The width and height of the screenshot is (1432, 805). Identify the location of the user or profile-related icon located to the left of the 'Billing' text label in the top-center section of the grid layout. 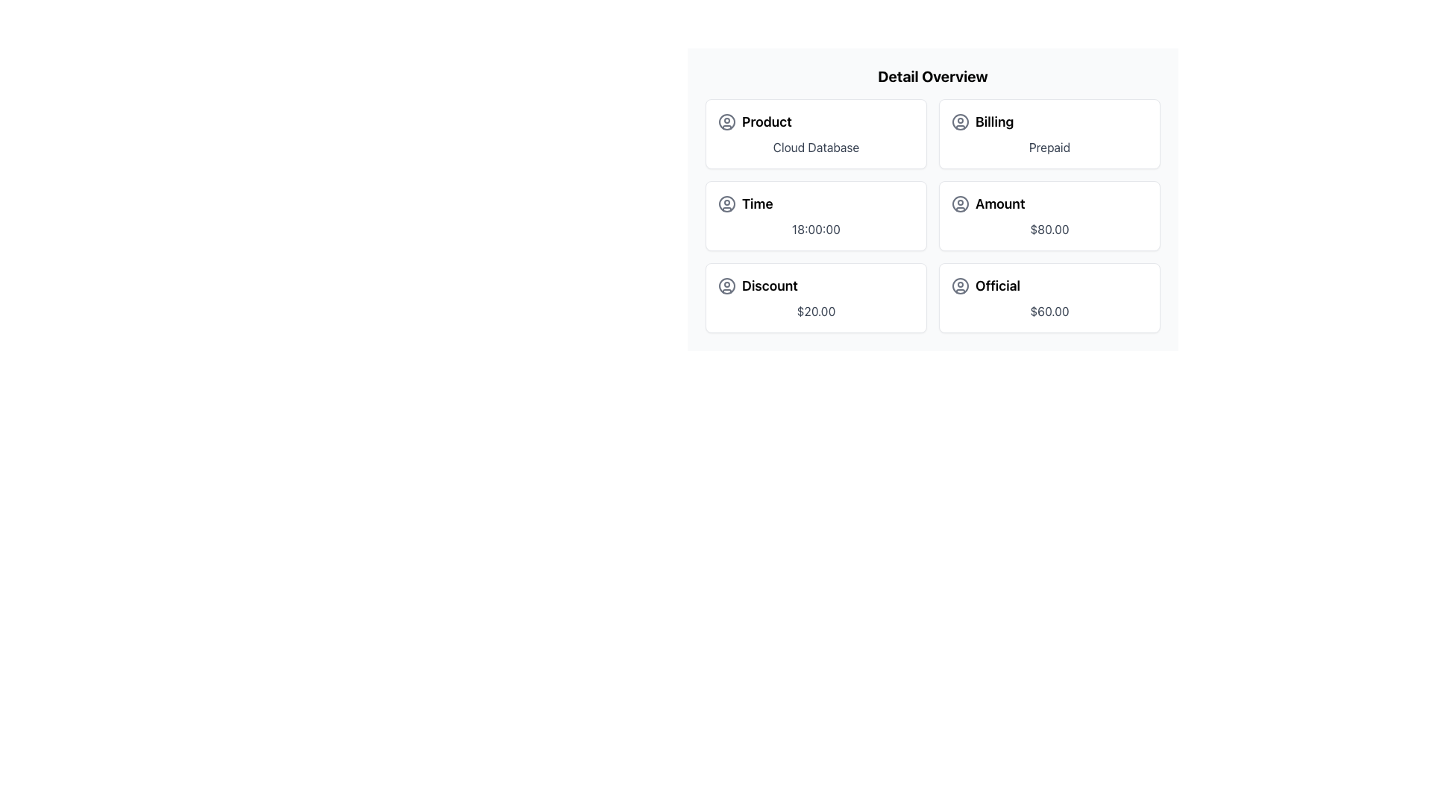
(960, 121).